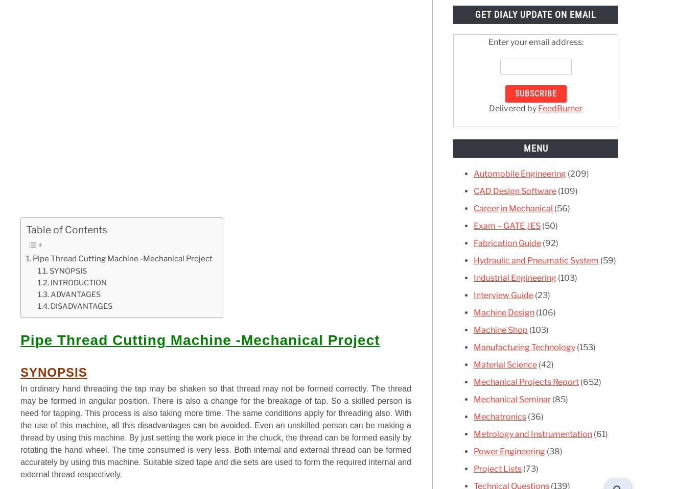 This screenshot has width=700, height=489. Describe the element at coordinates (513, 208) in the screenshot. I see `'Career in Mechanical'` at that location.